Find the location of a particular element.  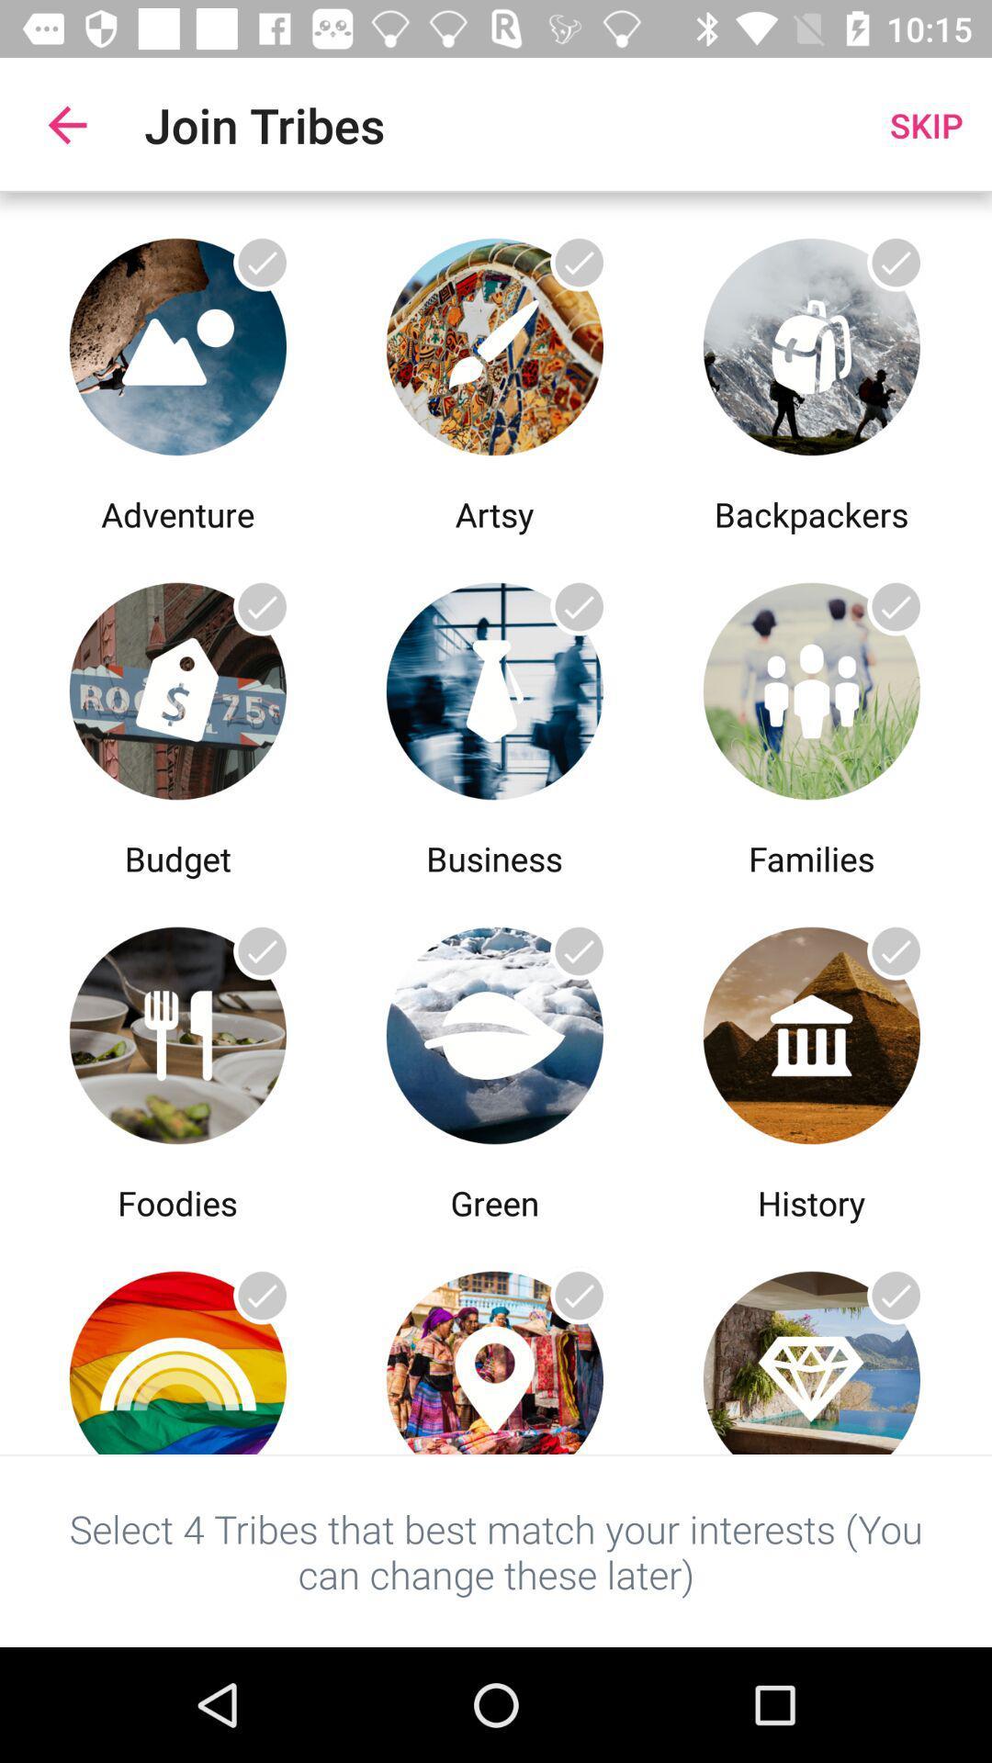

the group is located at coordinates (493, 1030).